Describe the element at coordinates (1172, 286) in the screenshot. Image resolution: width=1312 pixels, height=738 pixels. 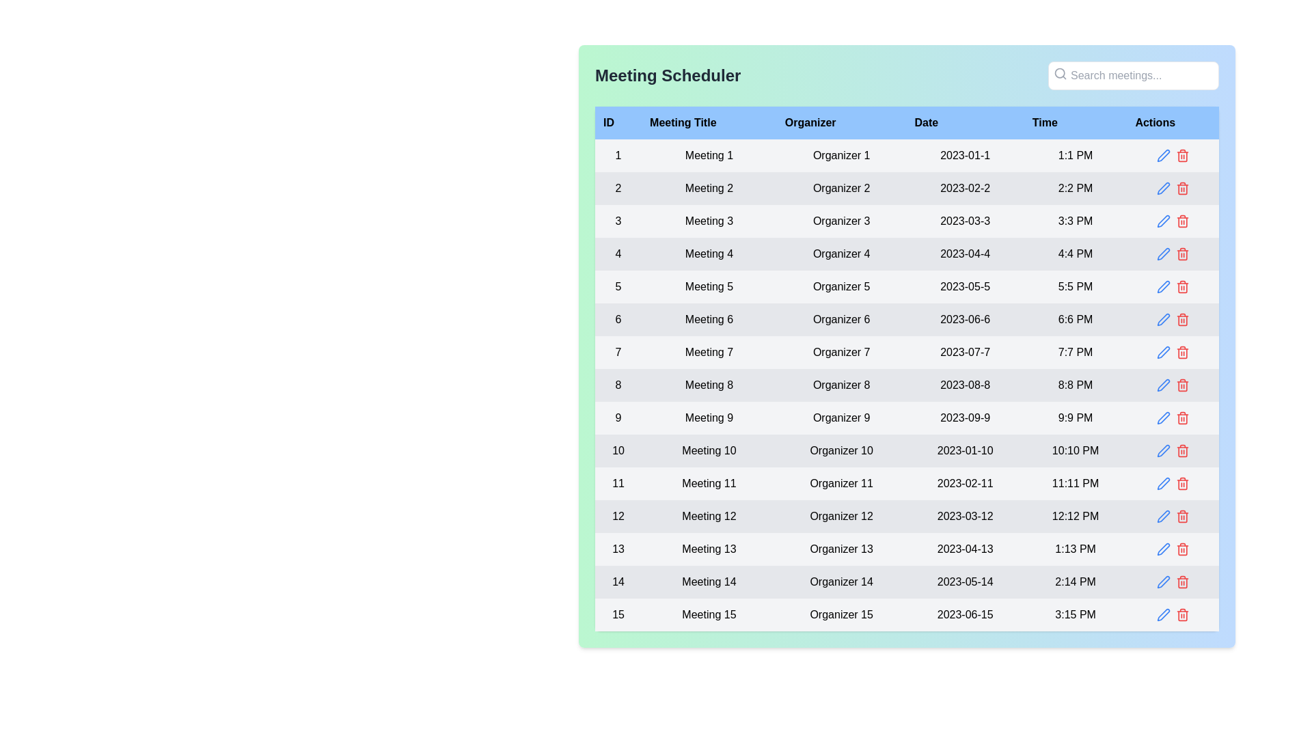
I see `the edit icon in the Icon Group located in the 'Actions' column for the meeting scheduled on '2023-05-5' at '5:5 PM' to modify the meeting` at that location.